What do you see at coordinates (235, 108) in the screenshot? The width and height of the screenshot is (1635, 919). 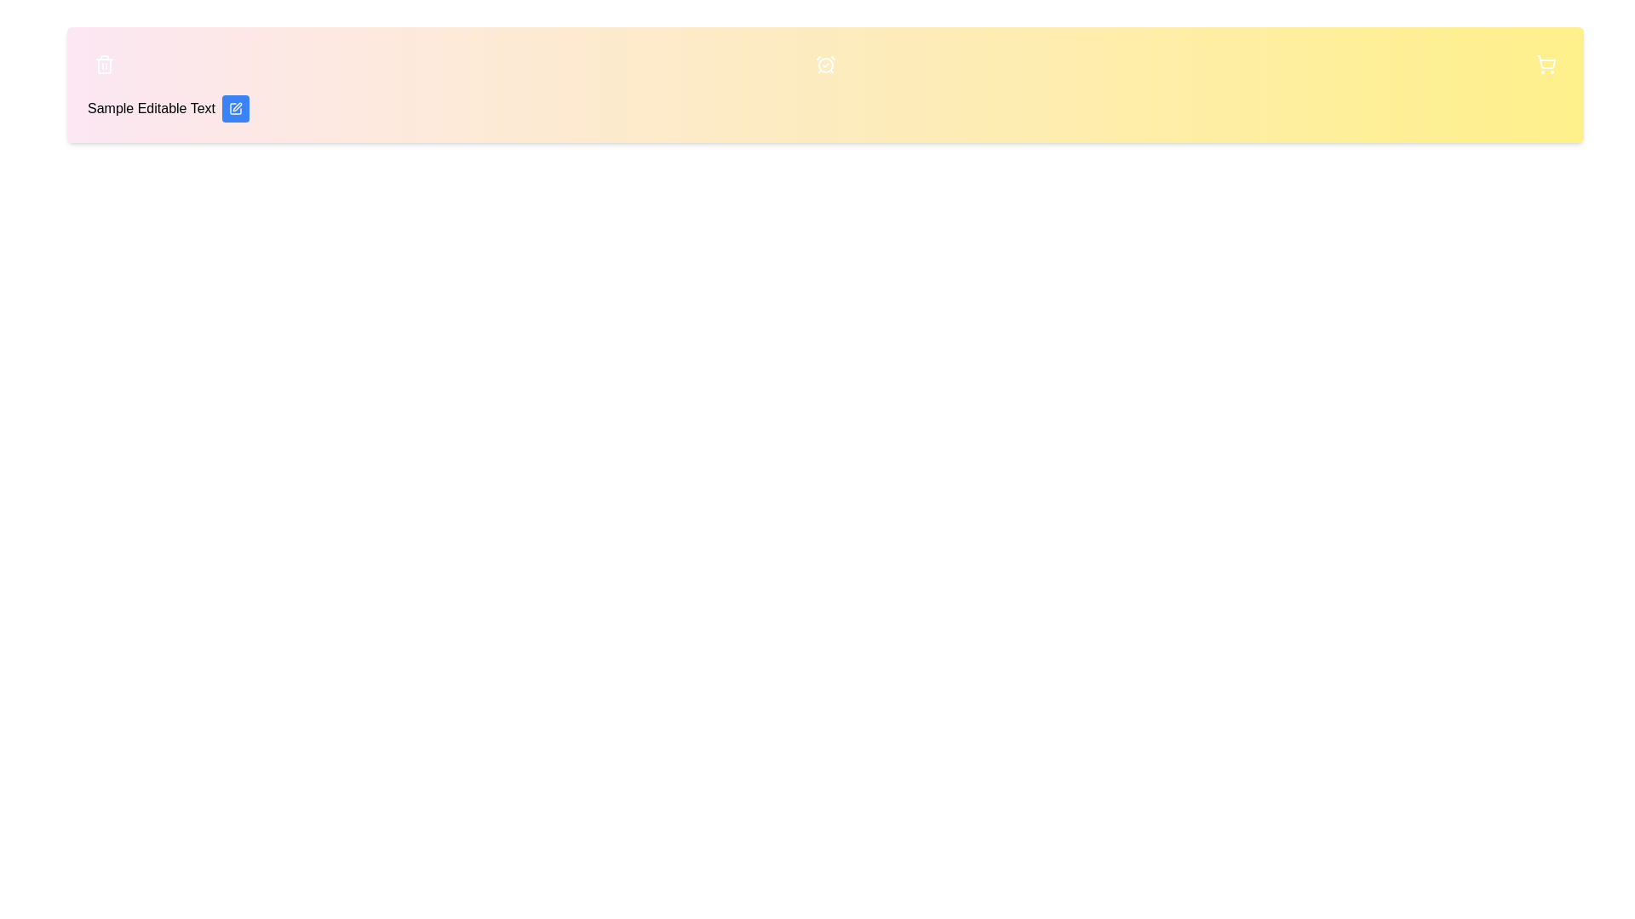 I see `the edit button with an icon located to the immediate right of 'Sample Editable Text'` at bounding box center [235, 108].